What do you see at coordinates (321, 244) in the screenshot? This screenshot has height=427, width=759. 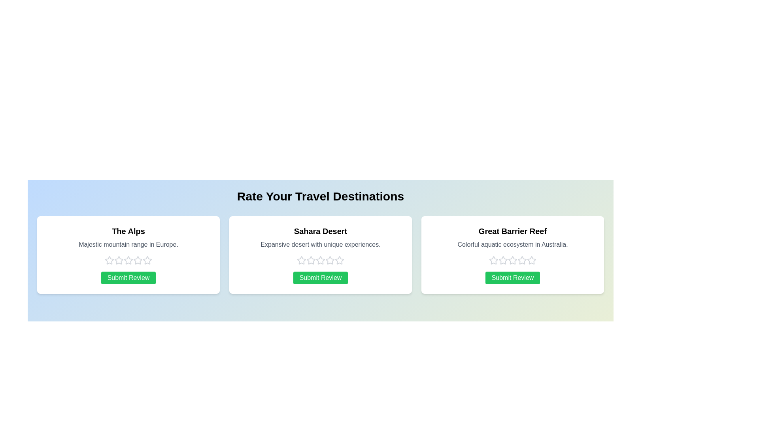 I see `the description of Sahara Desert` at bounding box center [321, 244].